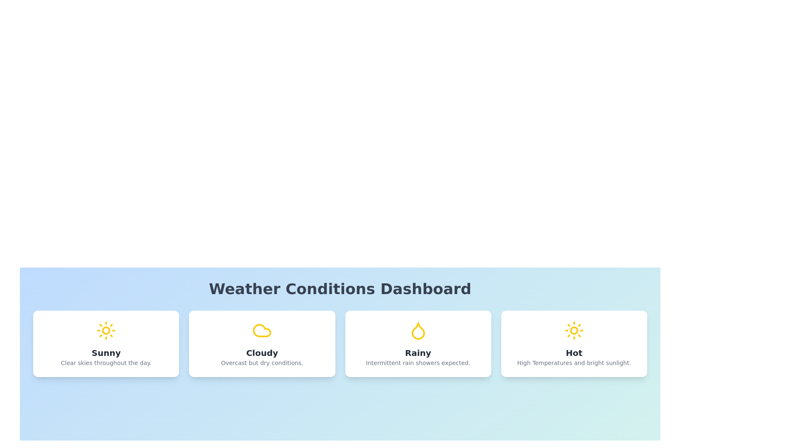 This screenshot has width=796, height=448. What do you see at coordinates (106, 363) in the screenshot?
I see `text label displaying 'Clear skies throughout the day.' located below the title 'Sunny' within the leftmost weather card on the dashboard` at bounding box center [106, 363].